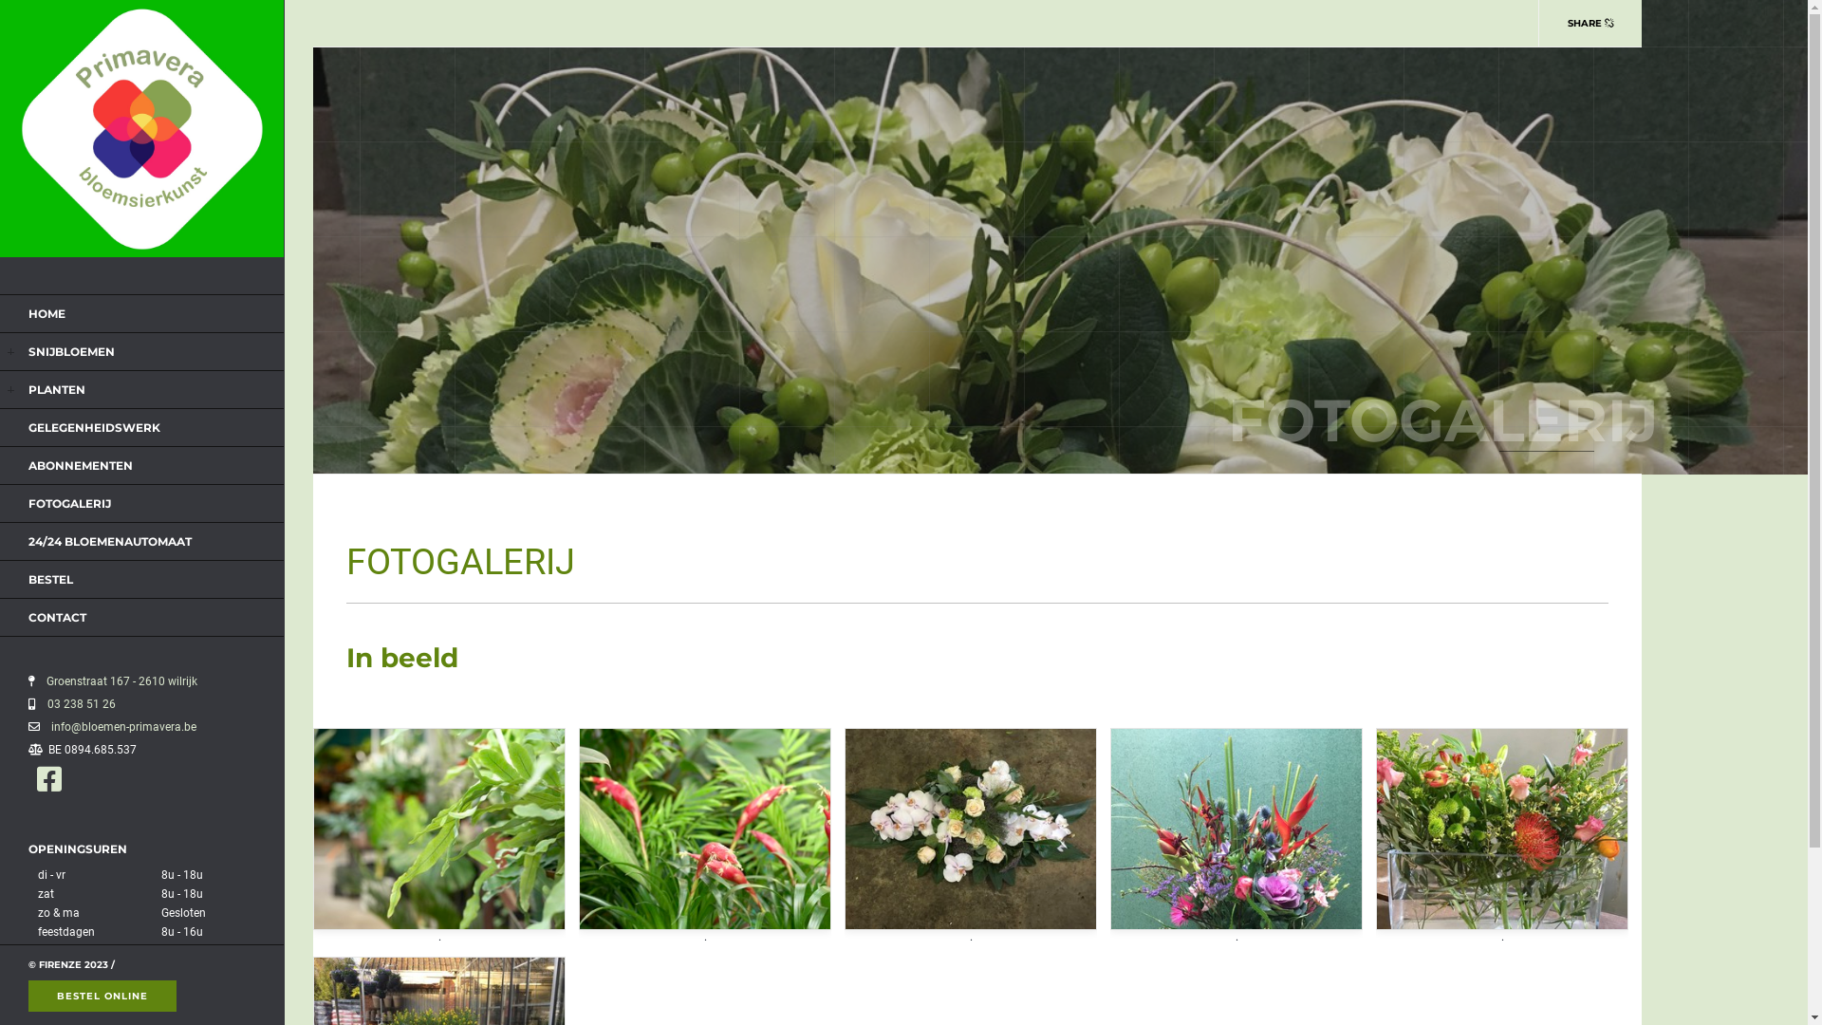 Image resolution: width=1822 pixels, height=1025 pixels. I want to click on 'Groenstraat 167 - 2610 wilrijk', so click(117, 680).